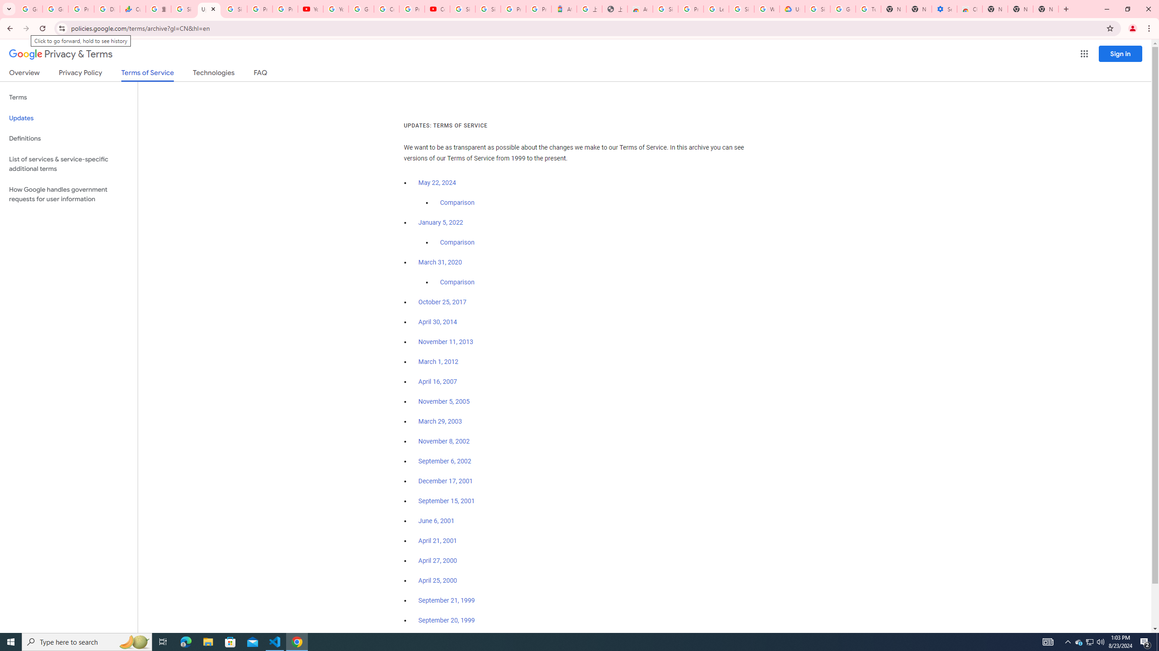  I want to click on 'YouTube', so click(310, 9).